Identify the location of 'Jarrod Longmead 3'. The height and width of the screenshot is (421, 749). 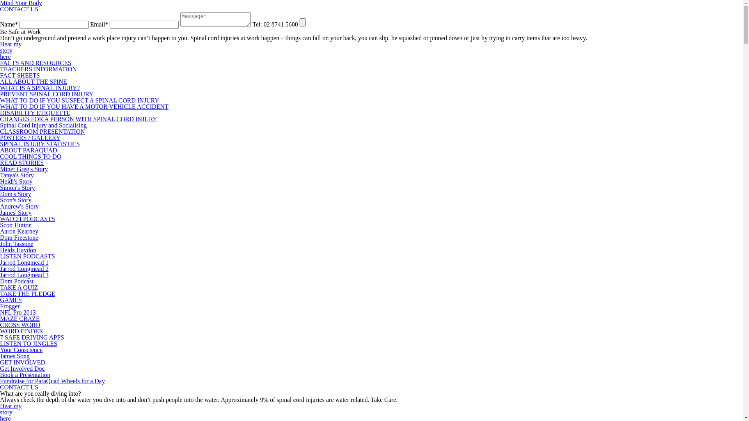
(24, 274).